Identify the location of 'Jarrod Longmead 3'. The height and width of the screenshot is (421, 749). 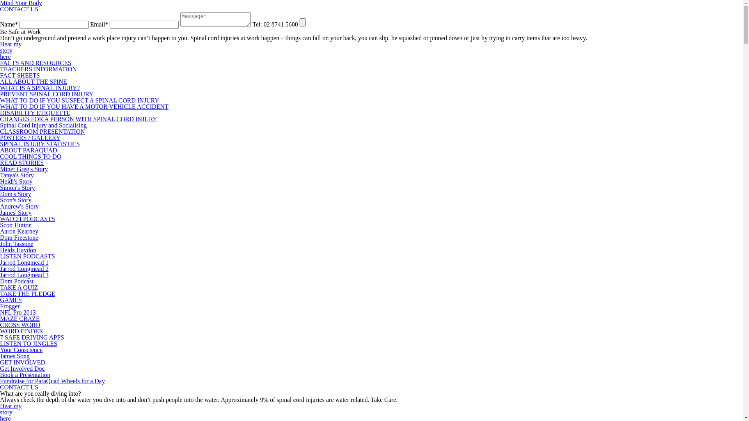
(24, 274).